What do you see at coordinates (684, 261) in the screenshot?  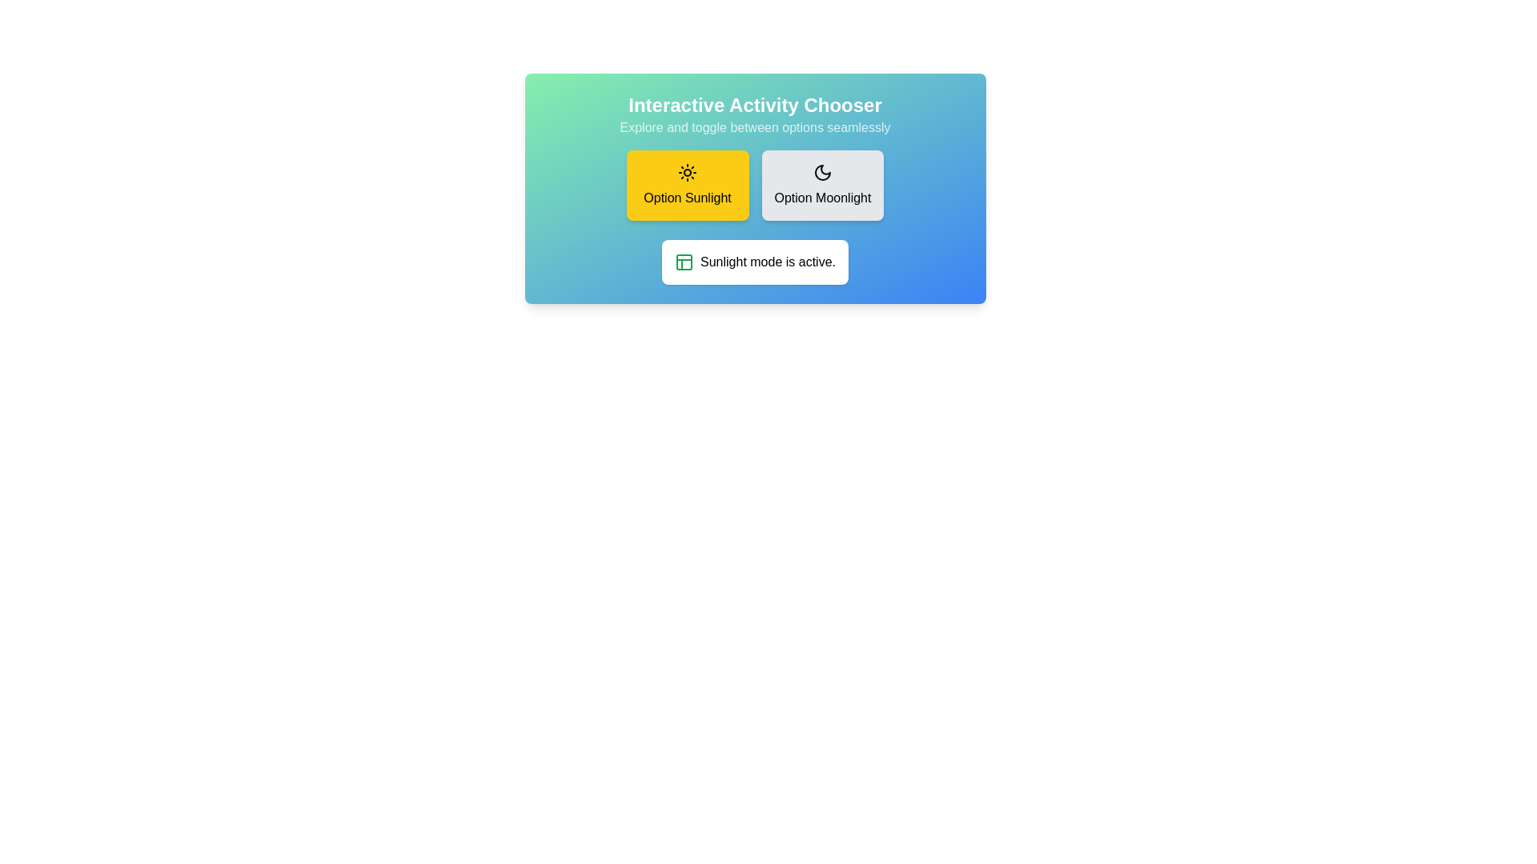 I see `the top-left rounded rectangle in the SVG graphic with a greenish stroke color, indicating that 'Sunlight mode is active'` at bounding box center [684, 261].